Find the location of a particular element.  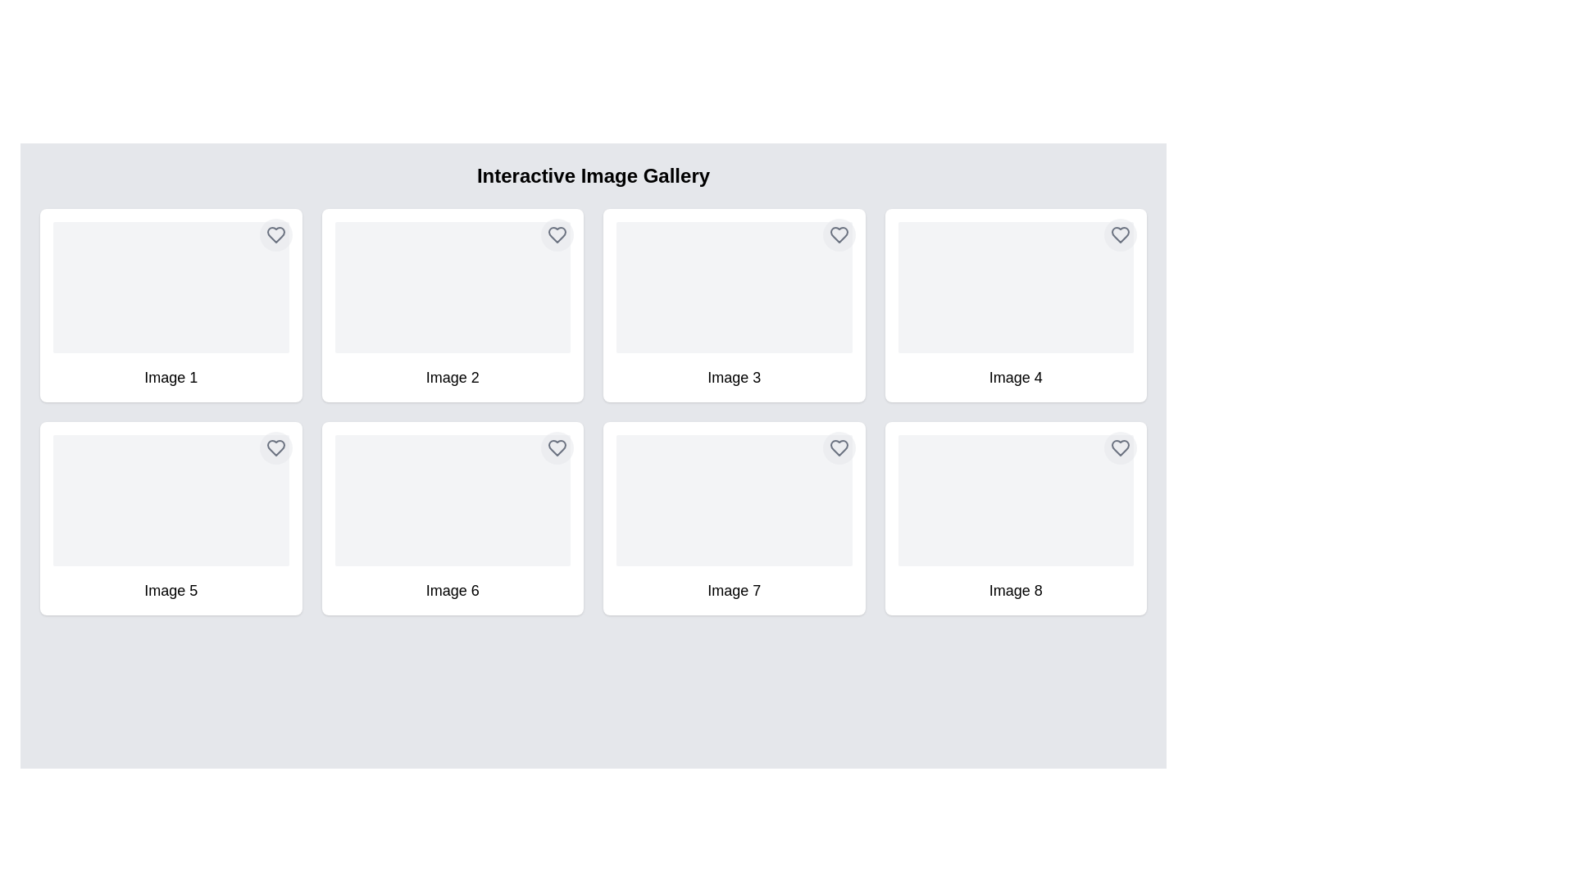

the text label located in the third card of the first row in a 4x2 grid layout, which provides a descriptive label for the corresponding image or card is located at coordinates (733, 378).